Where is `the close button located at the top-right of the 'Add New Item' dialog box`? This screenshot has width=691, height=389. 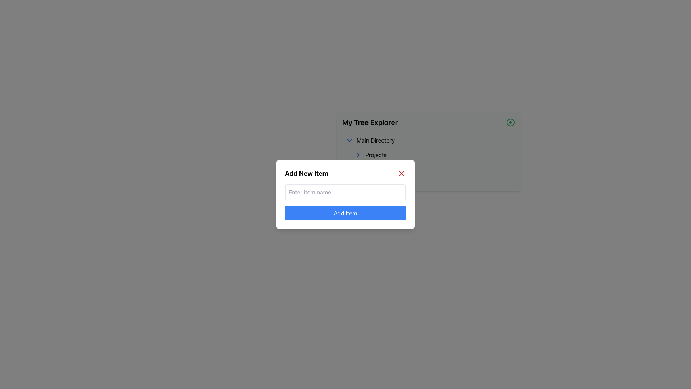
the close button located at the top-right of the 'Add New Item' dialog box is located at coordinates (401, 174).